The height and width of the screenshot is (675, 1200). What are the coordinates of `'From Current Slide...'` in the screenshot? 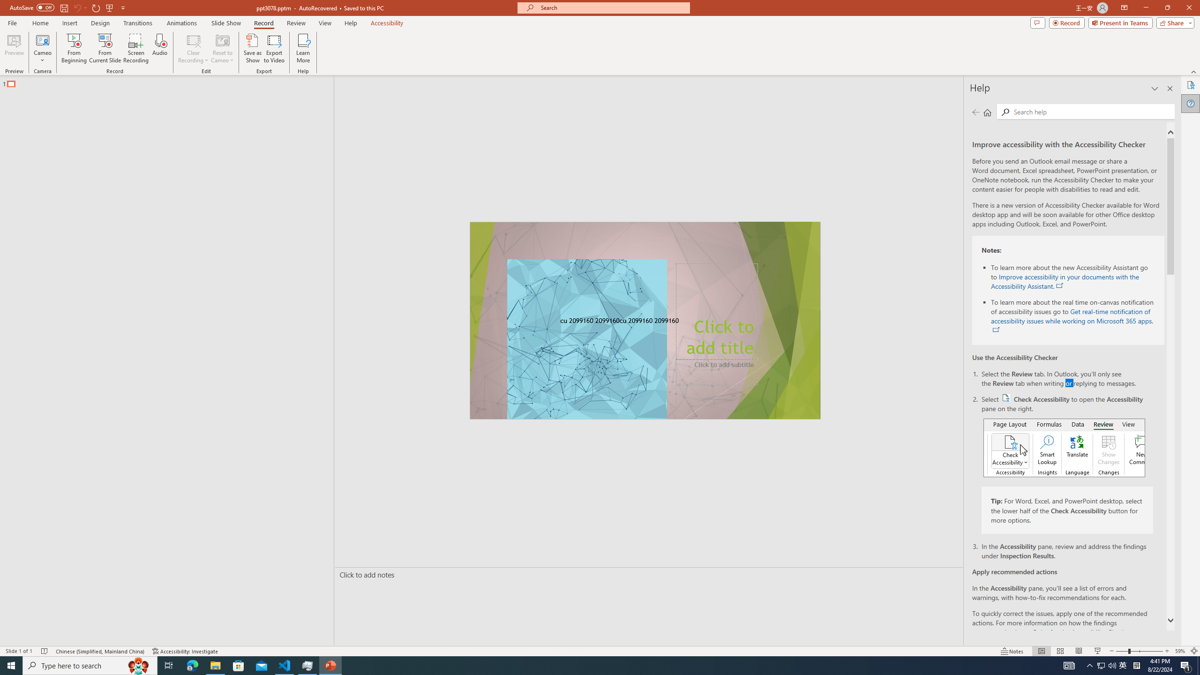 It's located at (105, 48).